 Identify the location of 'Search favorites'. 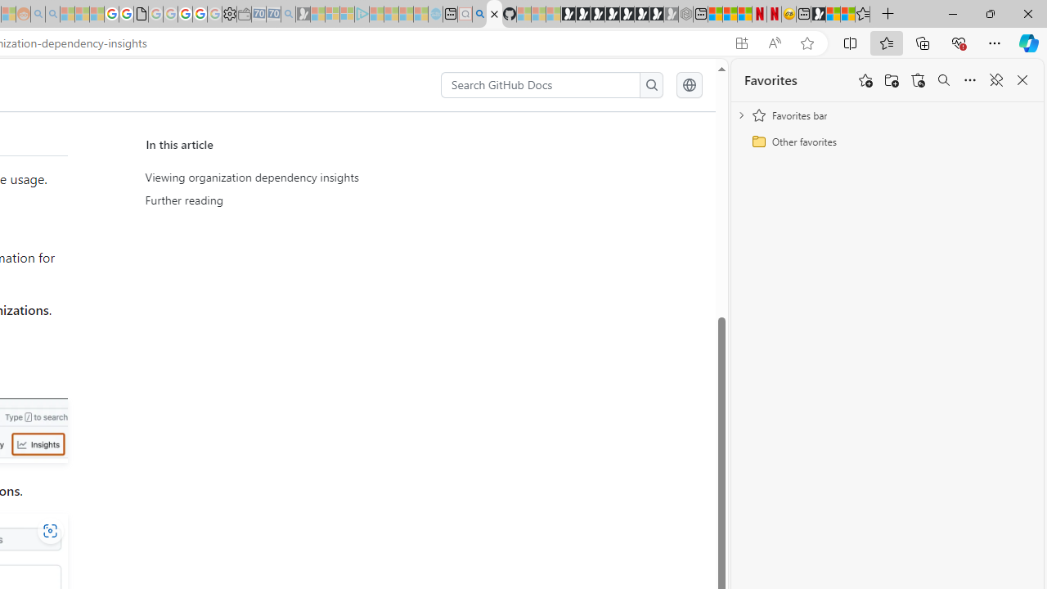
(943, 80).